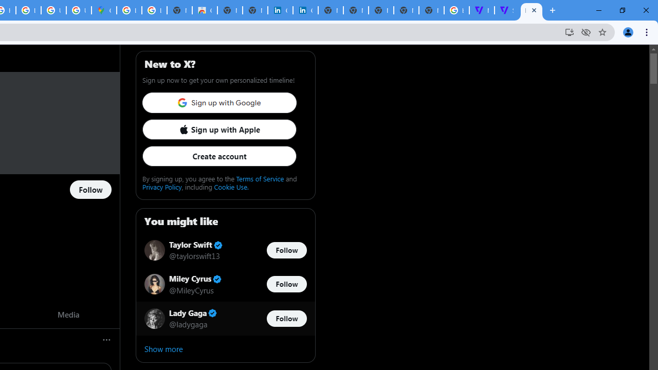 The width and height of the screenshot is (658, 370). Describe the element at coordinates (193, 312) in the screenshot. I see `'Lady Gaga Verified account'` at that location.